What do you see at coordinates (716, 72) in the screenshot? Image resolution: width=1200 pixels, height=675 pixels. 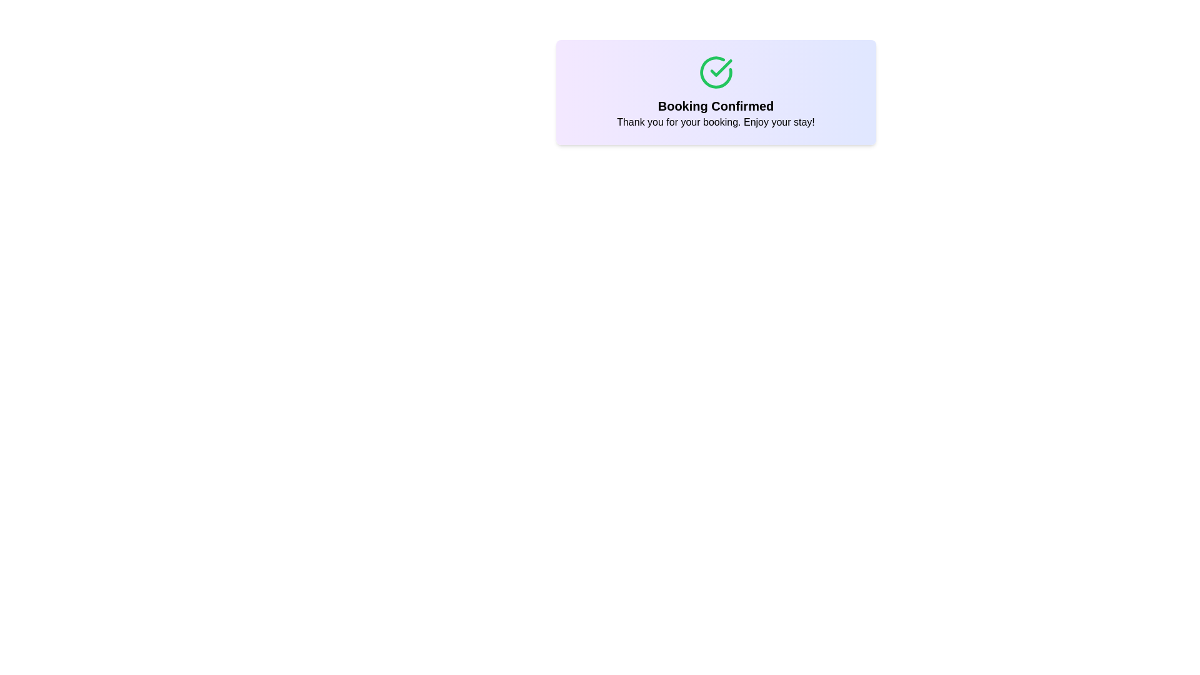 I see `the curved line segment of the circular outline icon with a check mark, which is styled in green and positioned at the top center of the confirmation card, above the 'Booking Confirmed' message` at bounding box center [716, 72].